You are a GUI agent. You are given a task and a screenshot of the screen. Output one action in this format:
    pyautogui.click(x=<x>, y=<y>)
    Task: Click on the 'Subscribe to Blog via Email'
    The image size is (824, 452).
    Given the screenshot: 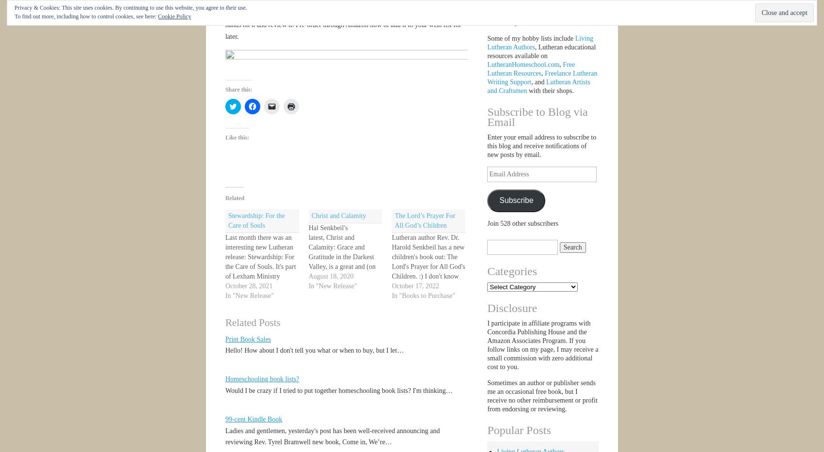 What is the action you would take?
    pyautogui.click(x=537, y=116)
    